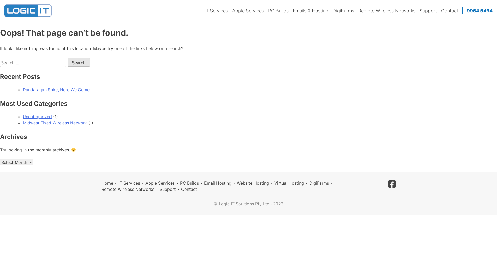 This screenshot has width=497, height=280. Describe the element at coordinates (129, 183) in the screenshot. I see `'IT Services'` at that location.